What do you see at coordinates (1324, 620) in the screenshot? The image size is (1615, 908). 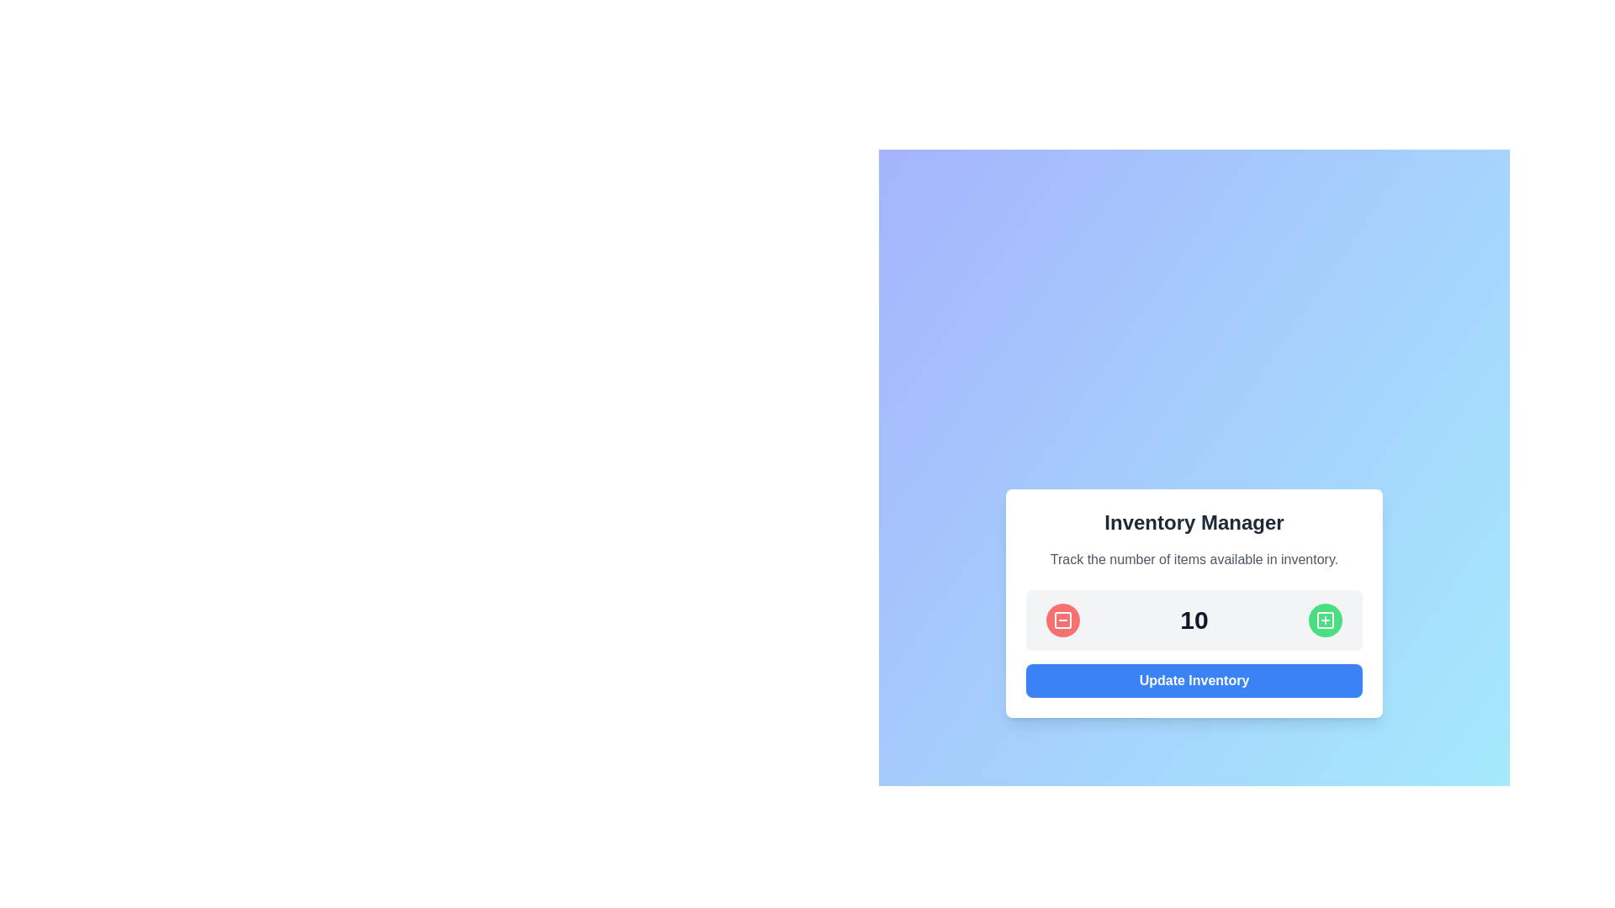 I see `the Icon button with a '+' symbol, which is a square icon with a green background and a white border, located at the bottom right of a card-like structure, to increment a value` at bounding box center [1324, 620].